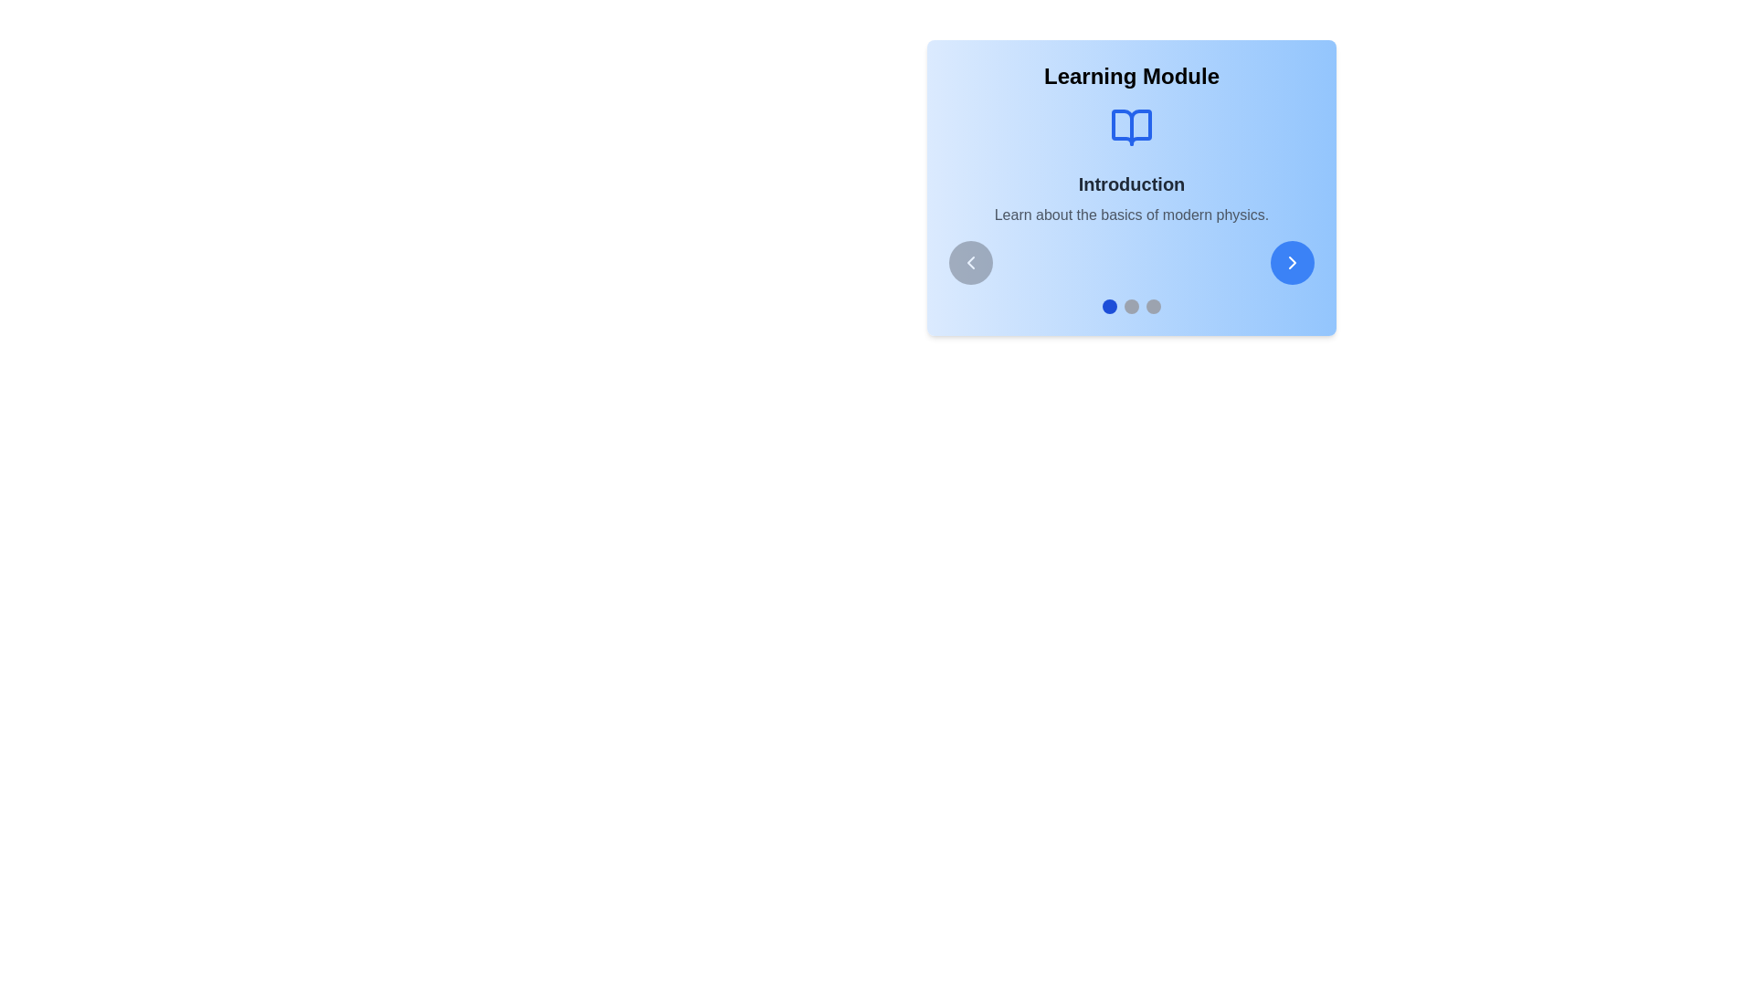 Image resolution: width=1754 pixels, height=986 pixels. What do you see at coordinates (1108, 305) in the screenshot?
I see `the first circular blue indicator at the bottom of the card, which represents the current navigation step` at bounding box center [1108, 305].